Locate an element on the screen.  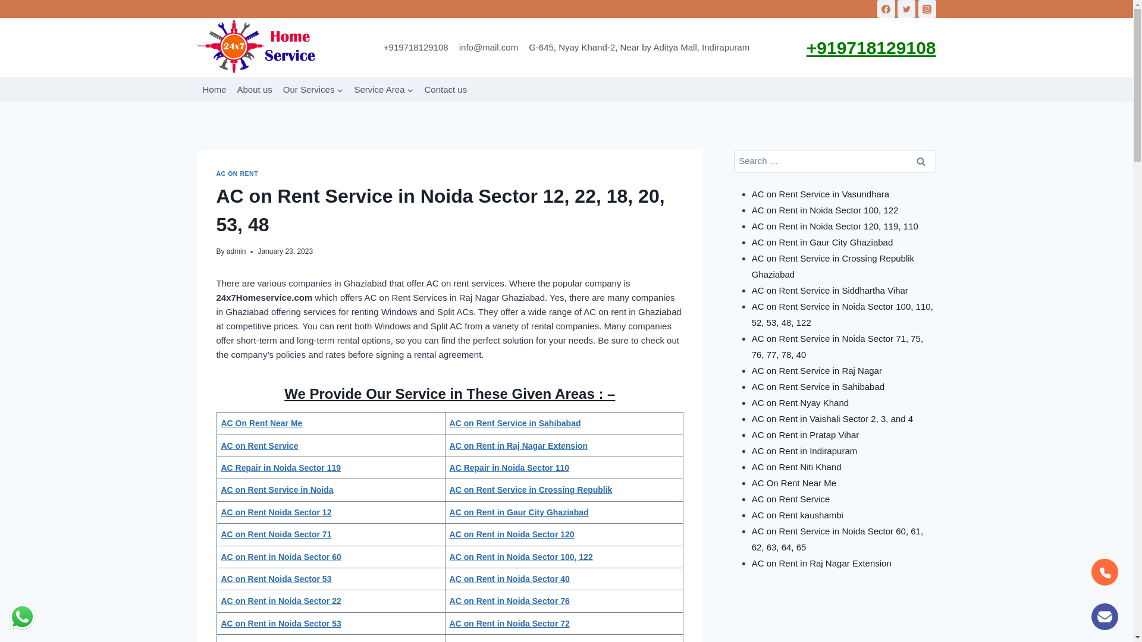
'AC on Rent in Noida Sector 120, 119, 110' is located at coordinates (834, 226).